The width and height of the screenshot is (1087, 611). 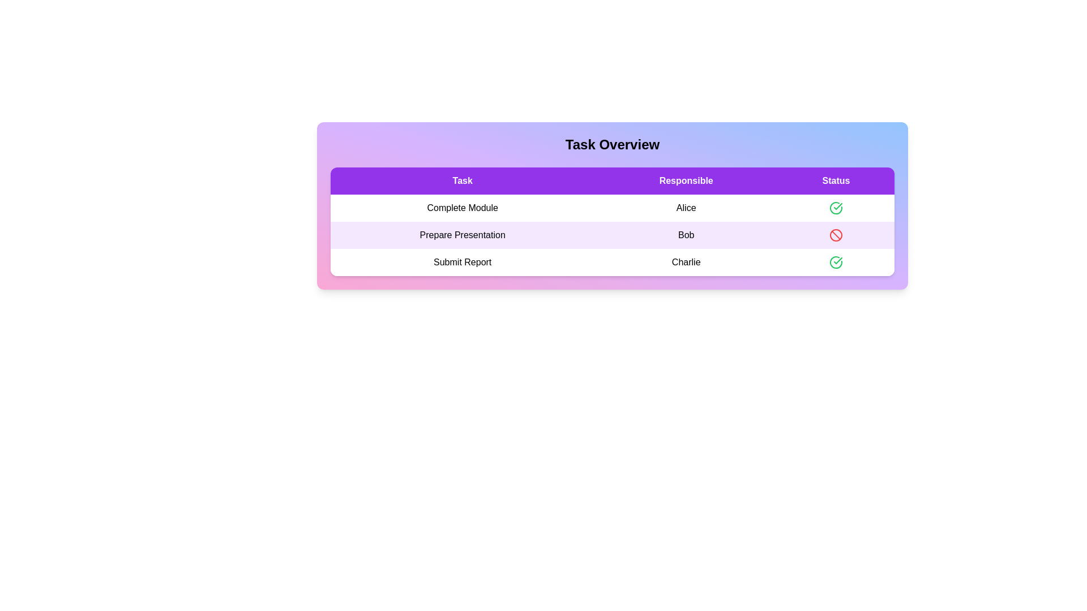 What do you see at coordinates (686, 180) in the screenshot?
I see `the text field displaying 'Responsible', which is the second column header in a three-column table, located between 'Task' and 'Status'` at bounding box center [686, 180].